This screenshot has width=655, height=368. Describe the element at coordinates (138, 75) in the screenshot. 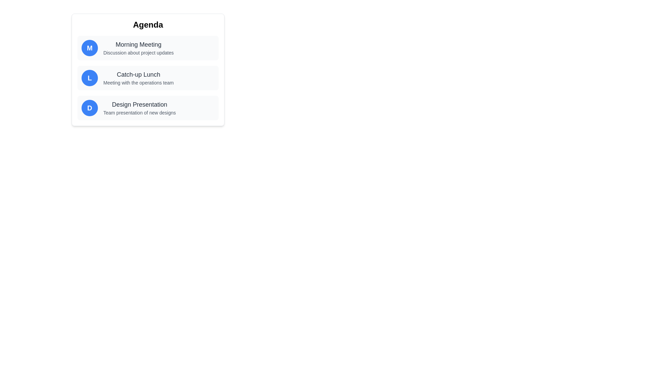

I see `the text label displaying 'Catch-up Lunch', which is the second event in the list of appointments` at that location.